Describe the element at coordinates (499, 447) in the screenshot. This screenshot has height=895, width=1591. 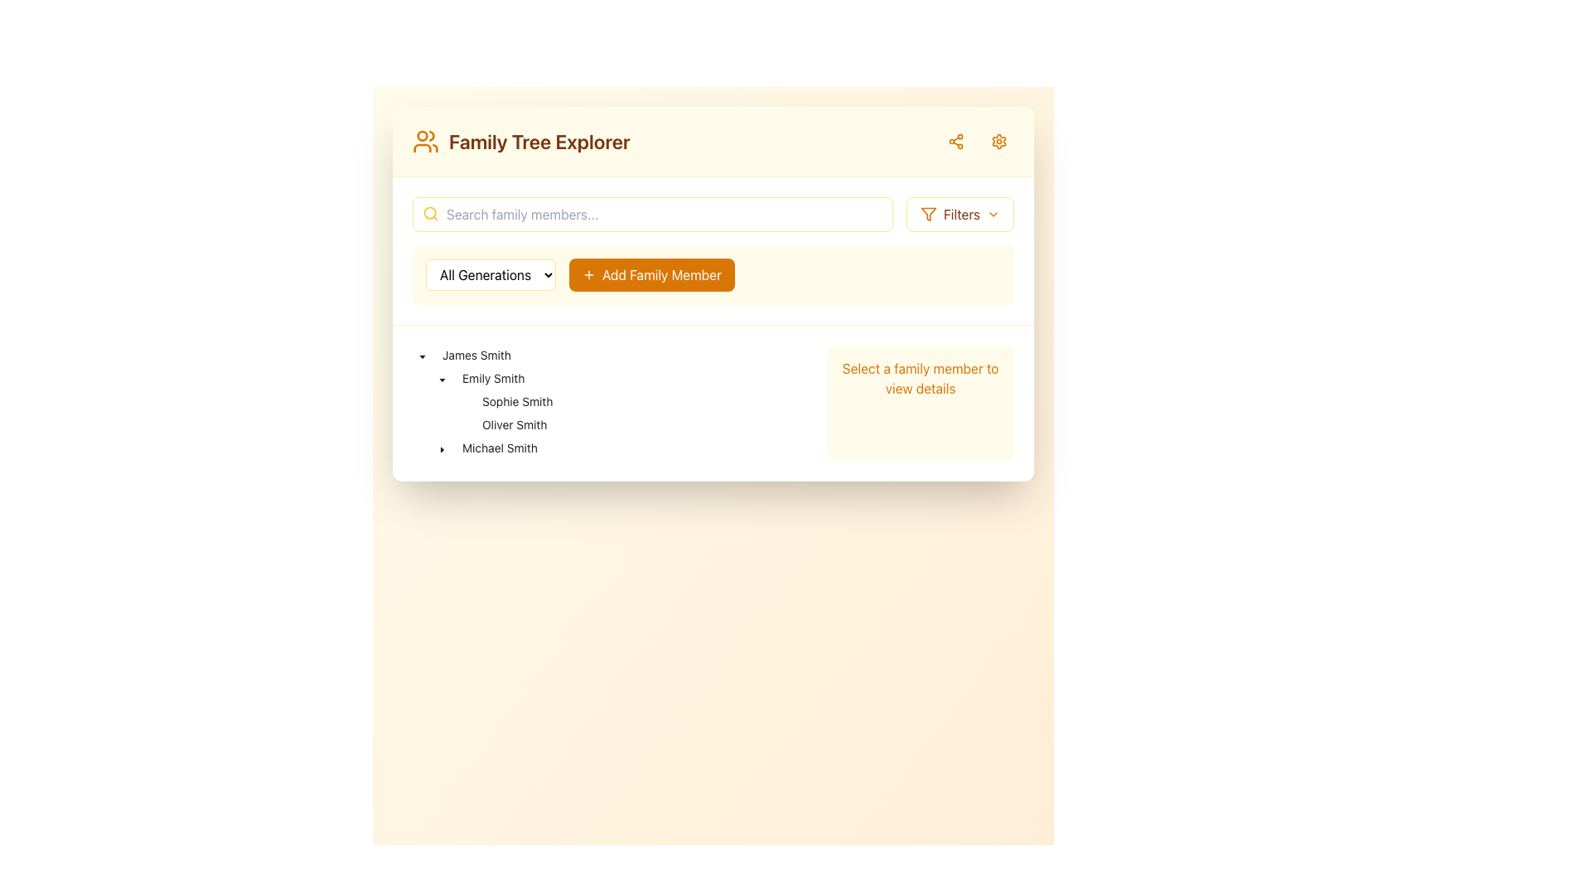
I see `the Text node representing an individual in the family tree, located near the bottom of the visible list, below sibling nodes like 'Oliver Smith'` at that location.